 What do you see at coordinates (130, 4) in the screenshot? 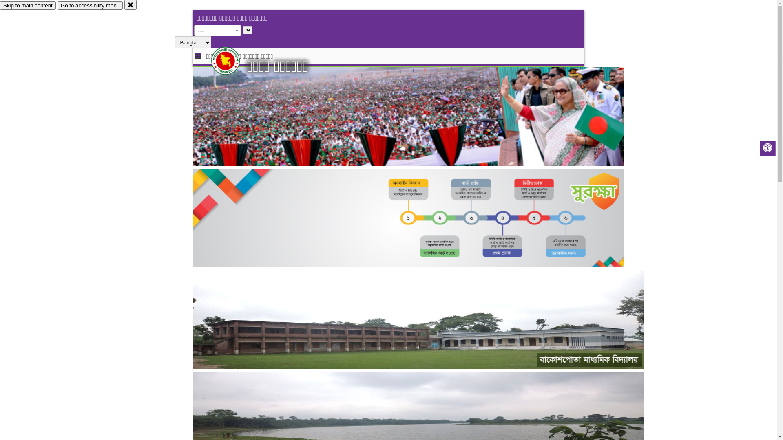
I see `'close'` at bounding box center [130, 4].